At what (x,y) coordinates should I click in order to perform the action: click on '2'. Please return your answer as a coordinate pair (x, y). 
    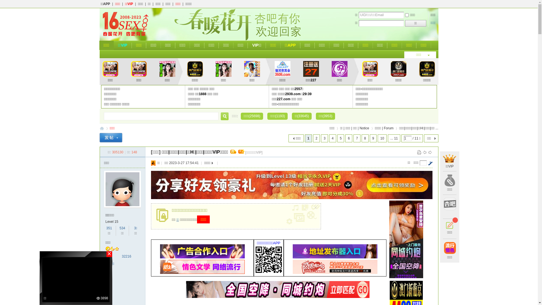
    Looking at the image, I should click on (316, 138).